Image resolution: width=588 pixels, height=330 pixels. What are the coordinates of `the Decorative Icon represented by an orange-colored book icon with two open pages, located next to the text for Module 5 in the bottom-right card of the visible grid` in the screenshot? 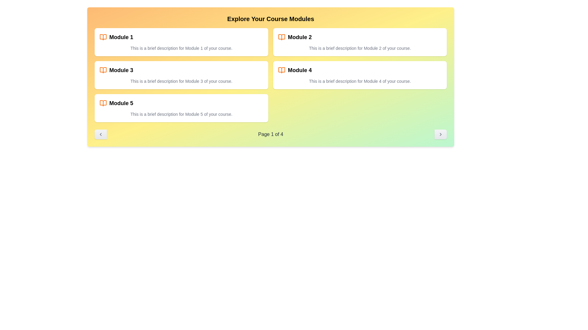 It's located at (103, 103).